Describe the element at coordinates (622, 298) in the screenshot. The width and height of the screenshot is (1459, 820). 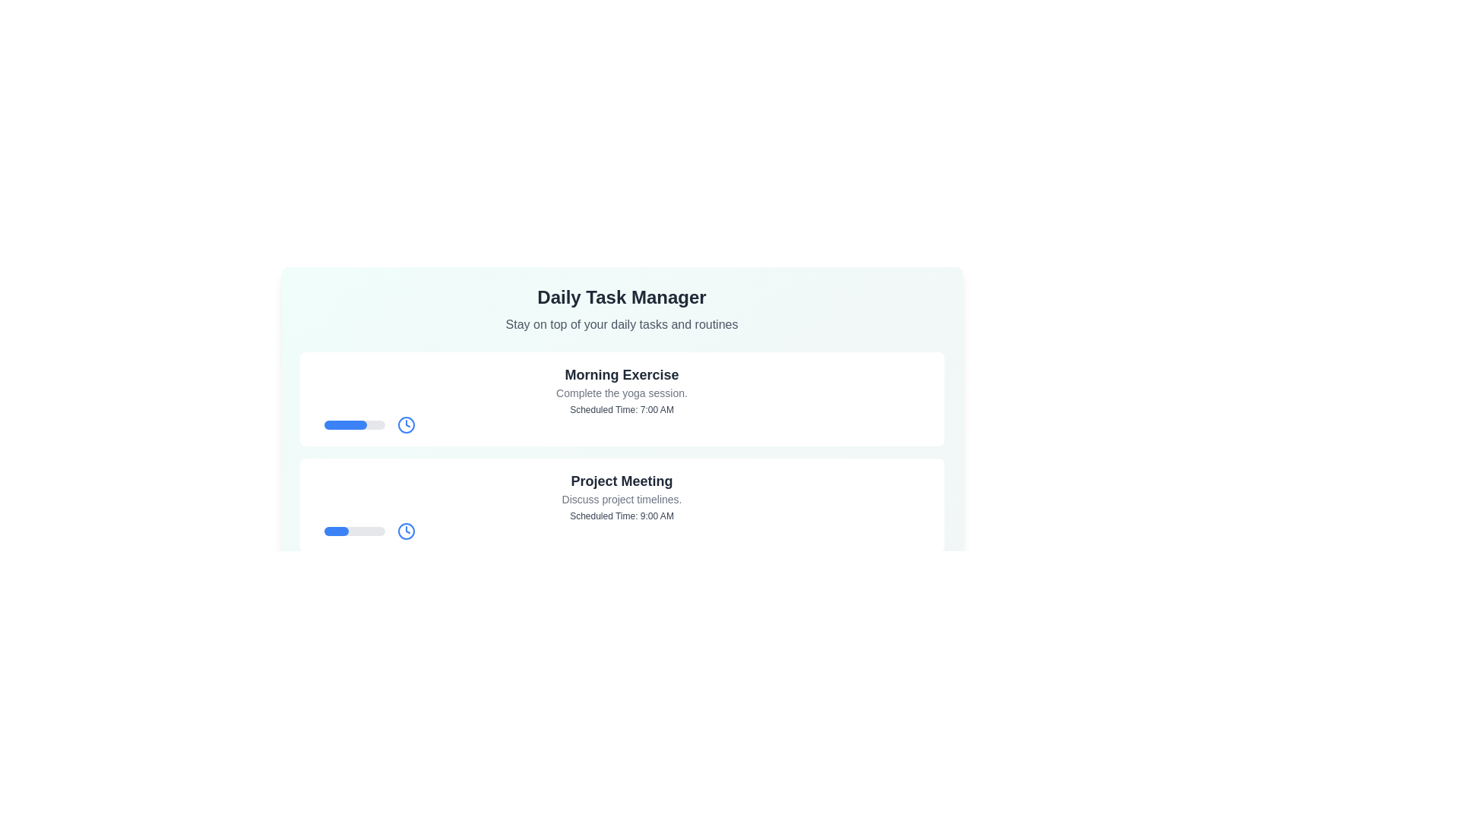
I see `the main title Text Header at the top of the page, which provides users with an understanding of the interface's purpose` at that location.